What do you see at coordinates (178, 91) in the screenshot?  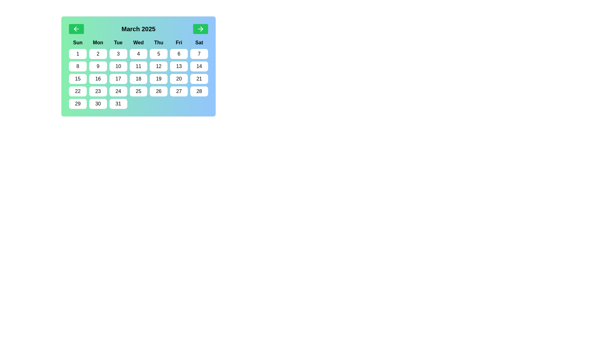 I see `the button representing the date '27' in the calendar under the 'Fri' column` at bounding box center [178, 91].